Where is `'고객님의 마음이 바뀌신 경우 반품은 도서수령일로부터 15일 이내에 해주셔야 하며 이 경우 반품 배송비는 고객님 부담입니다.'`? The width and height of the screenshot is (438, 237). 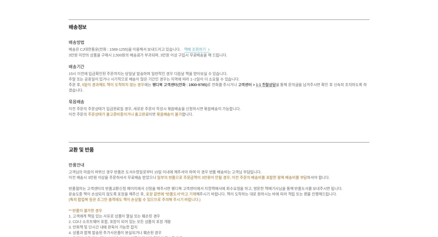
'고객님의 마음이 바뀌신 경우 반품은 도서수령일로부터 15일 이내에 해주셔야 하며 이 경우 반품 배송비는 고객님 부담입니다.' is located at coordinates (69, 172).